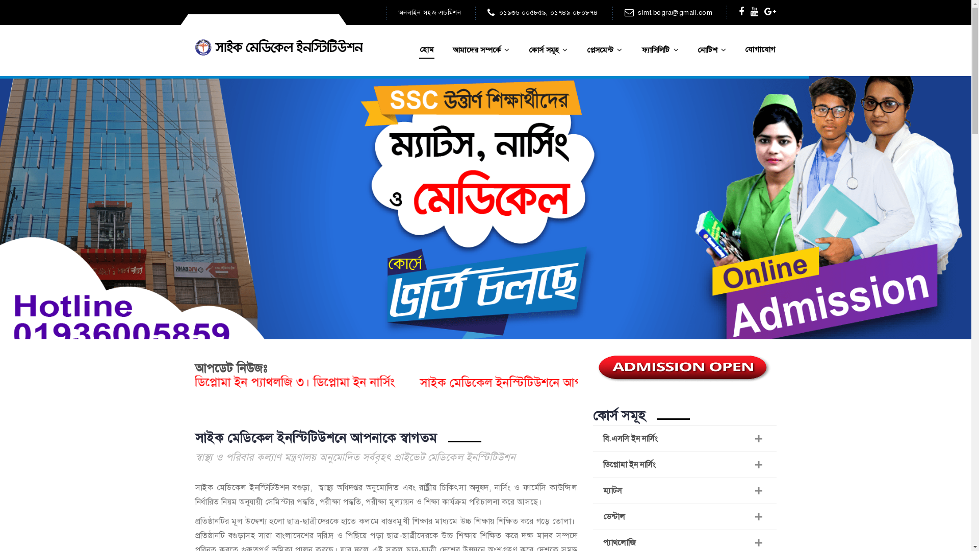 Image resolution: width=979 pixels, height=551 pixels. What do you see at coordinates (754, 12) in the screenshot?
I see `'YouTube'` at bounding box center [754, 12].